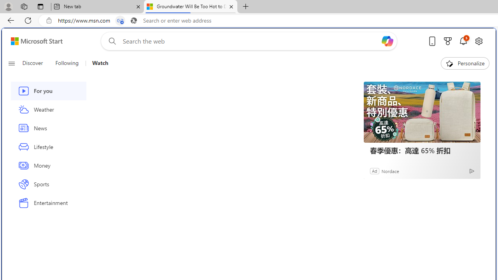  What do you see at coordinates (67, 63) in the screenshot?
I see `'Following'` at bounding box center [67, 63].